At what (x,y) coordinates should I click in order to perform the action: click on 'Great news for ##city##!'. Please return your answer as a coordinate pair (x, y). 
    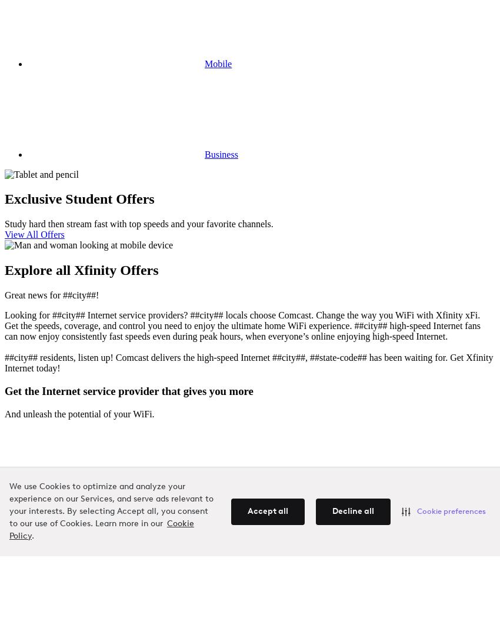
    Looking at the image, I should click on (4, 295).